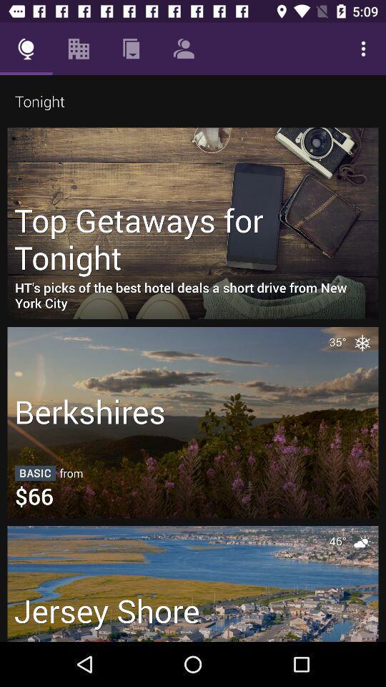 The width and height of the screenshot is (386, 687). Describe the element at coordinates (184, 49) in the screenshot. I see `the profile icon` at that location.